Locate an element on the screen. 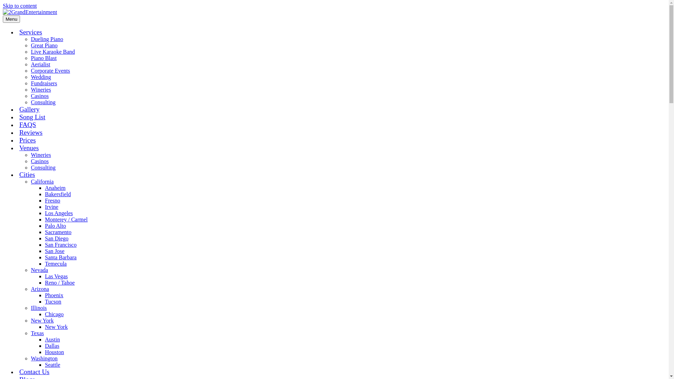 The width and height of the screenshot is (674, 379). 'FAQS' is located at coordinates (27, 124).